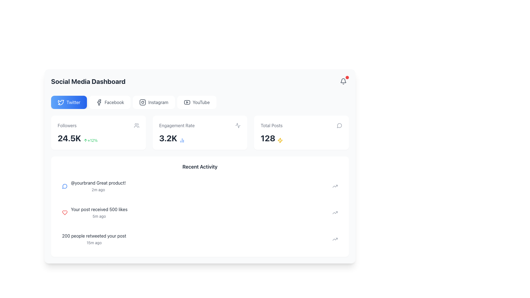  Describe the element at coordinates (85, 140) in the screenshot. I see `the small upward arrow icon located in the 'Followers' section of the dashboard, adjacent to the '24.5K' text and above the '+12%' text` at that location.